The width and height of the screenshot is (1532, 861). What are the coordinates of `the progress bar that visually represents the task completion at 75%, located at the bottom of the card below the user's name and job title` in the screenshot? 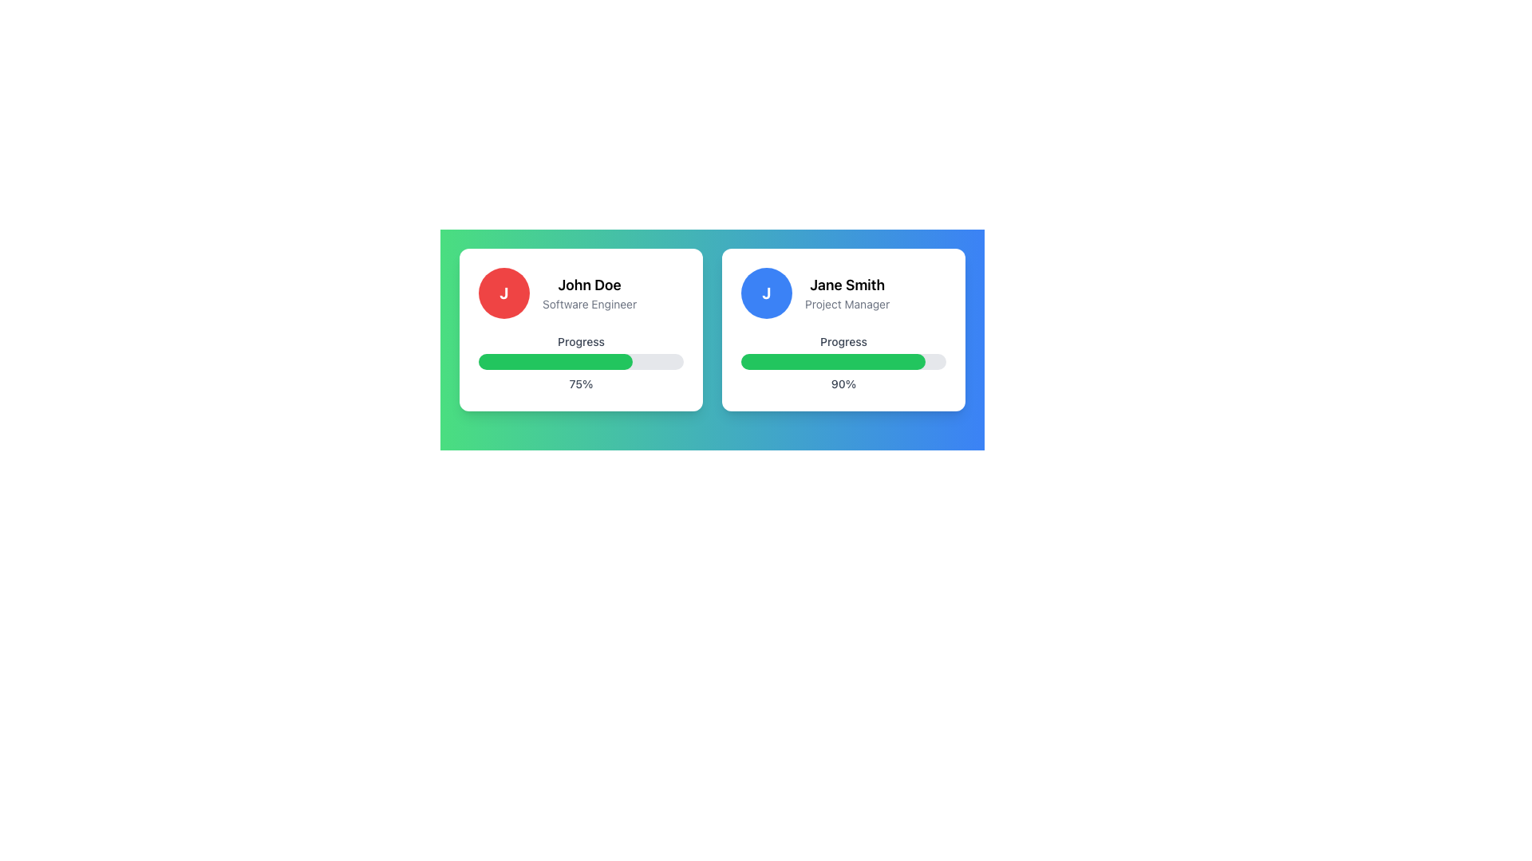 It's located at (580, 362).